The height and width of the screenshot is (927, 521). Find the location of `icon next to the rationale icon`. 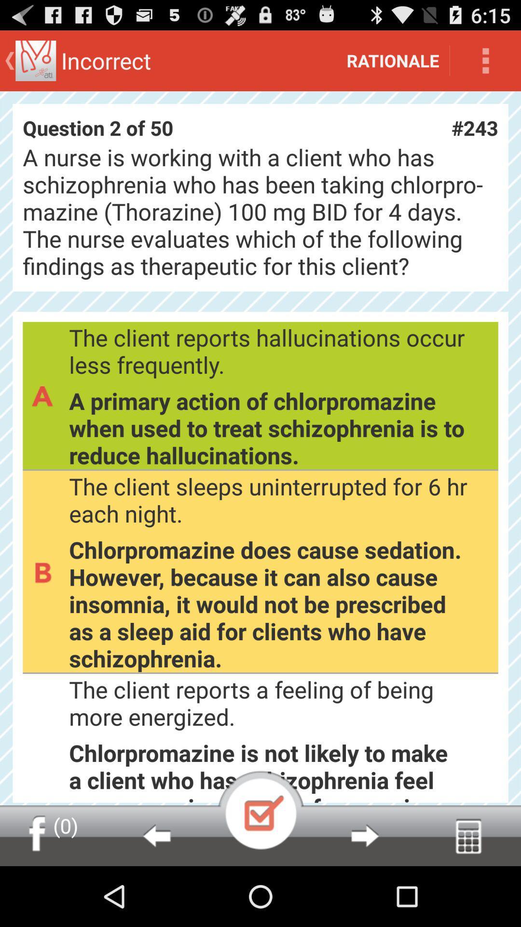

icon next to the rationale icon is located at coordinates (485, 60).